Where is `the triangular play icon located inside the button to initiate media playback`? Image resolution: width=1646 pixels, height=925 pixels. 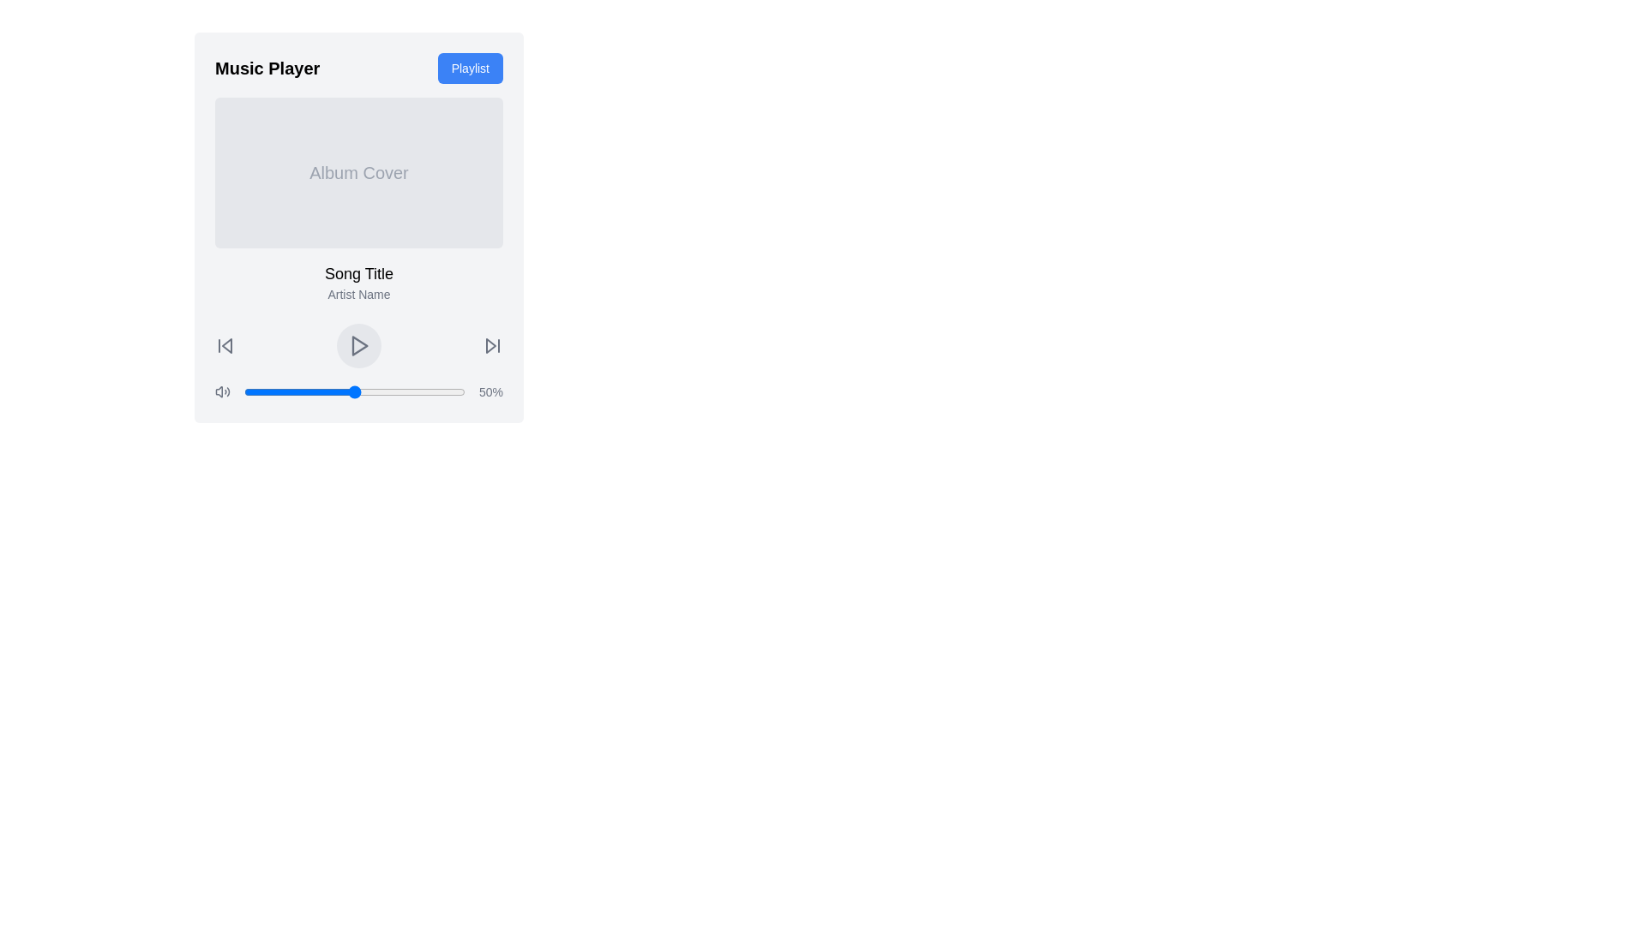 the triangular play icon located inside the button to initiate media playback is located at coordinates (359, 346).